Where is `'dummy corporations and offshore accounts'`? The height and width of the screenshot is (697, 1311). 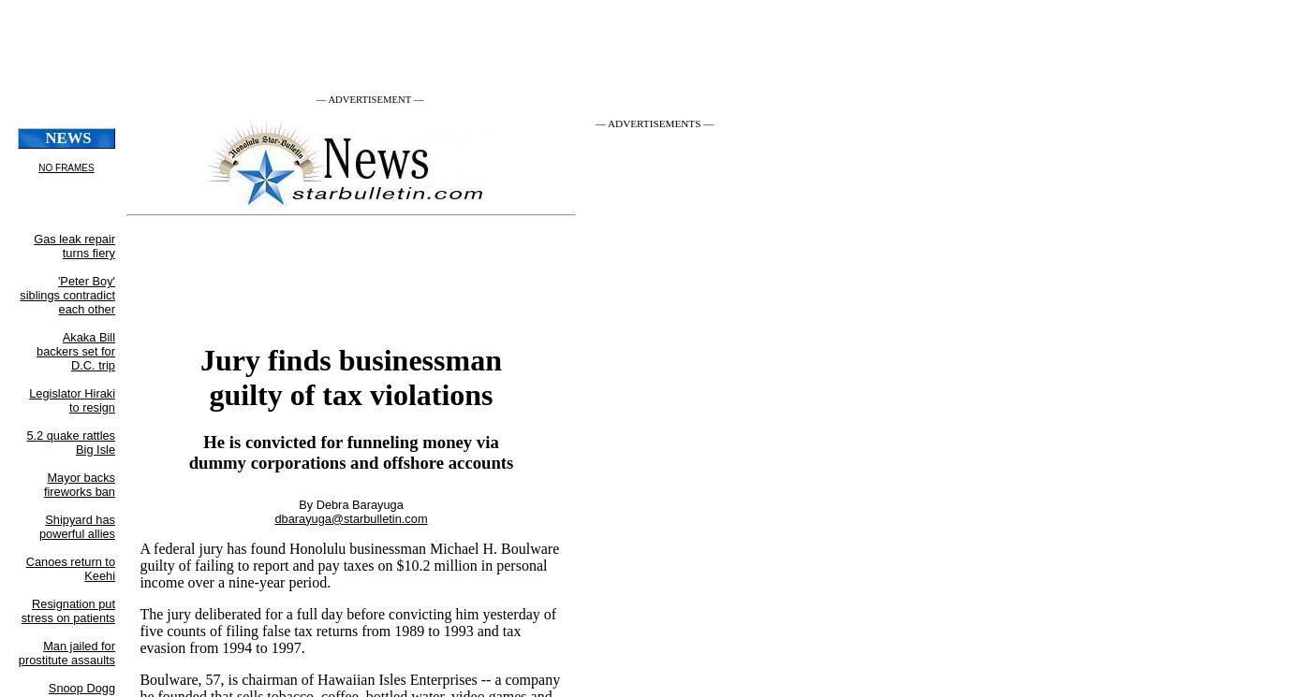
'dummy corporations and offshore accounts' is located at coordinates (350, 462).